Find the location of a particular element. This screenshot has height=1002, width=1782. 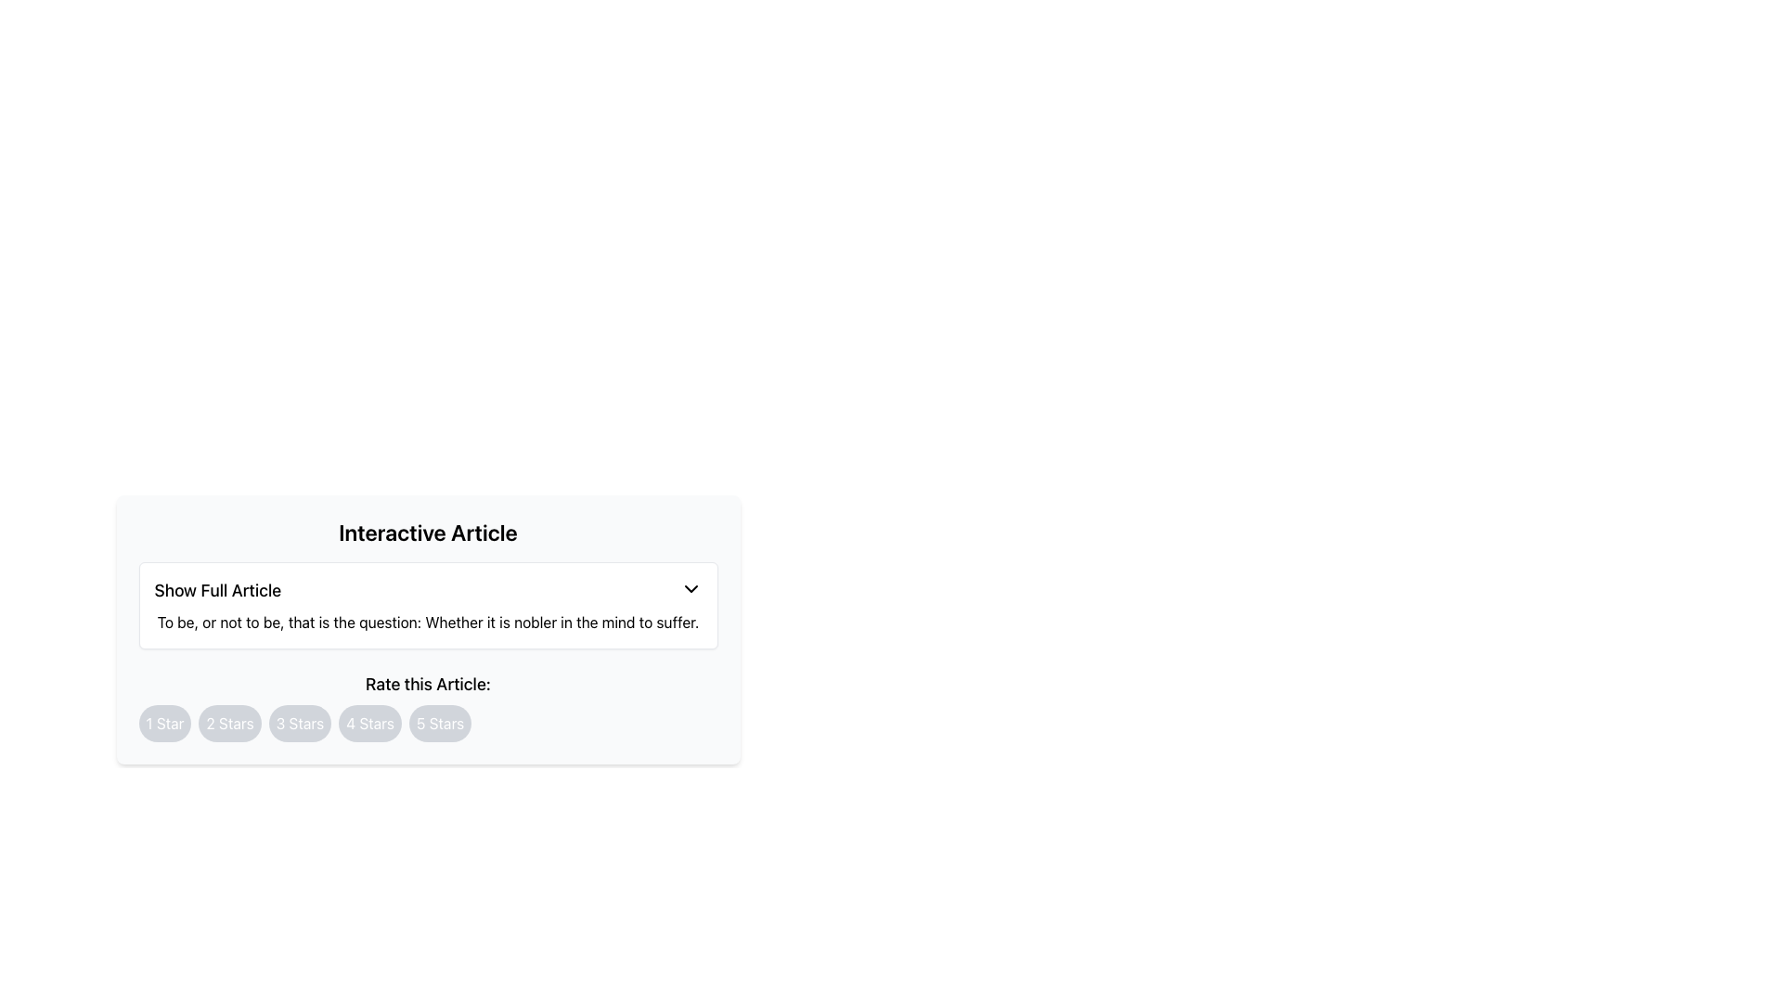

the '2 Stars' rating button, which is the second button in a horizontal arrangement of five star rating options is located at coordinates (229, 722).